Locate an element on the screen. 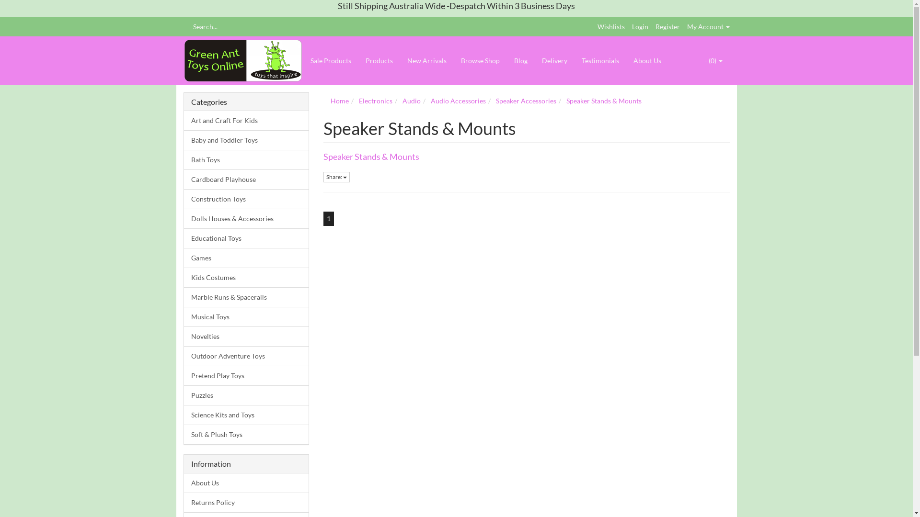  'Blog' is located at coordinates (520, 61).